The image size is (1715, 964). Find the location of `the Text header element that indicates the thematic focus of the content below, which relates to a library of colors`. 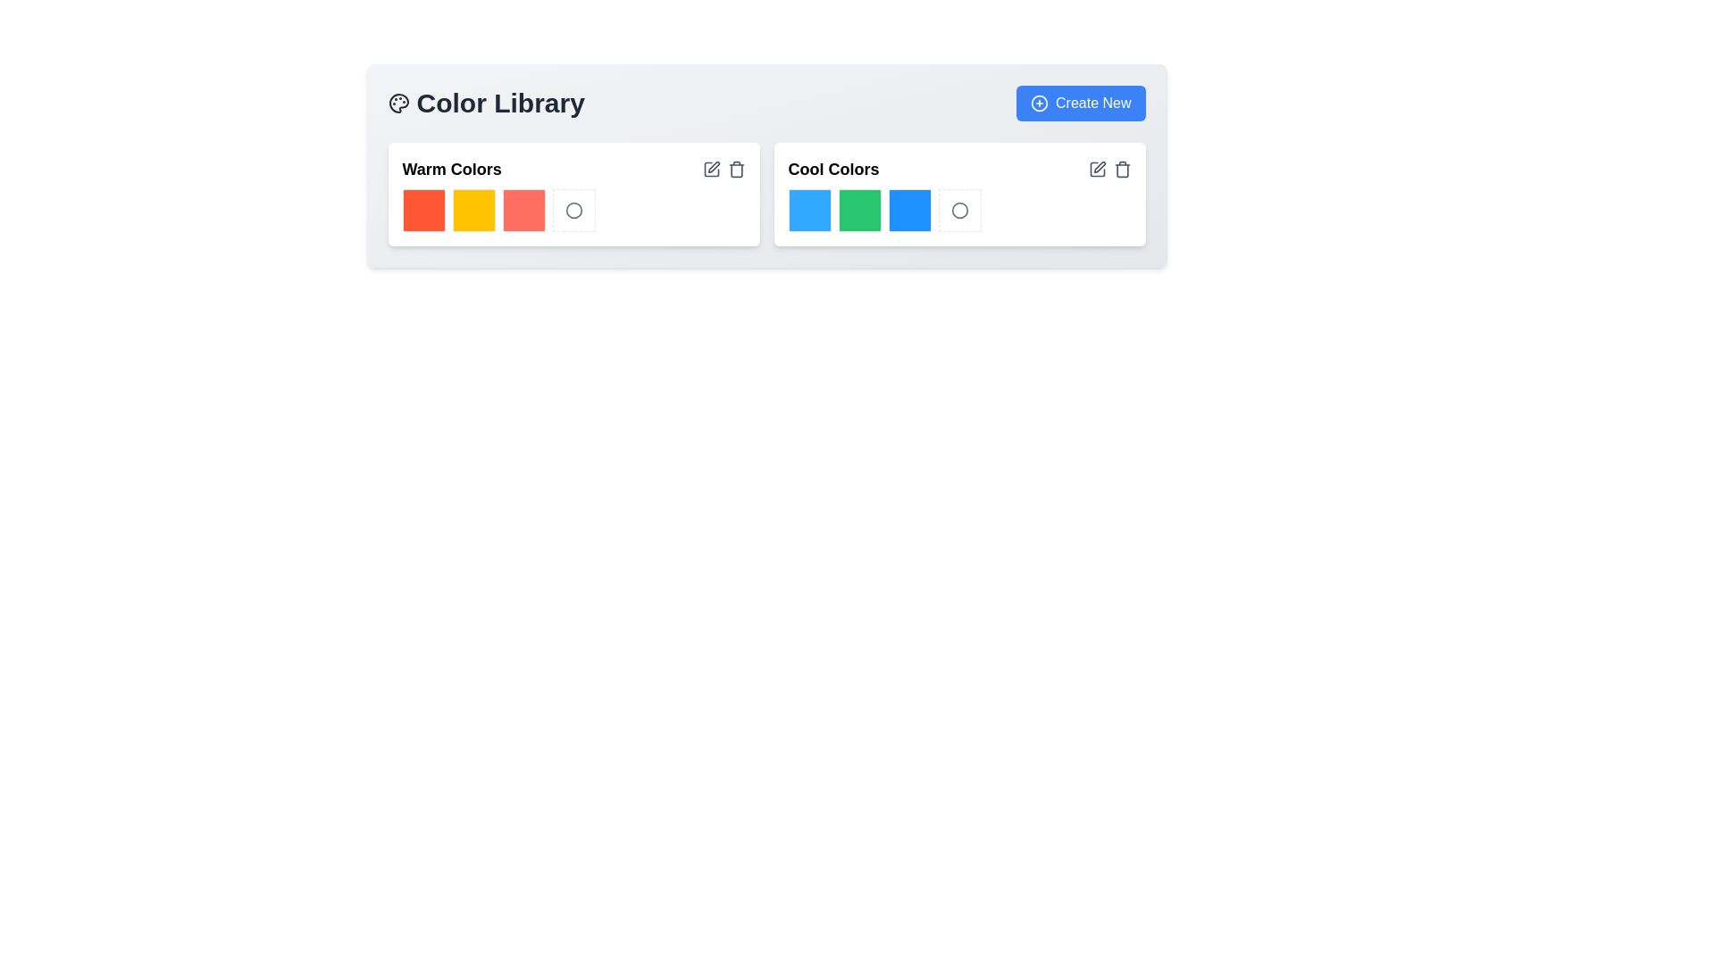

the Text header element that indicates the thematic focus of the content below, which relates to a library of colors is located at coordinates (486, 103).